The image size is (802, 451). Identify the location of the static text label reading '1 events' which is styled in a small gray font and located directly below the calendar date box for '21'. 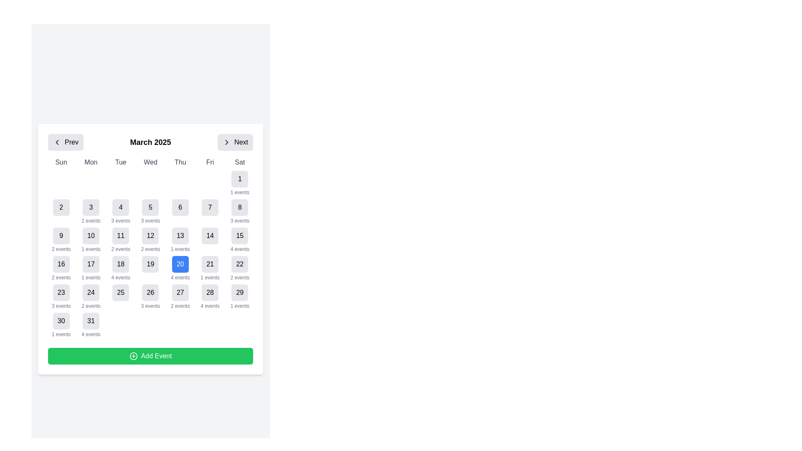
(210, 277).